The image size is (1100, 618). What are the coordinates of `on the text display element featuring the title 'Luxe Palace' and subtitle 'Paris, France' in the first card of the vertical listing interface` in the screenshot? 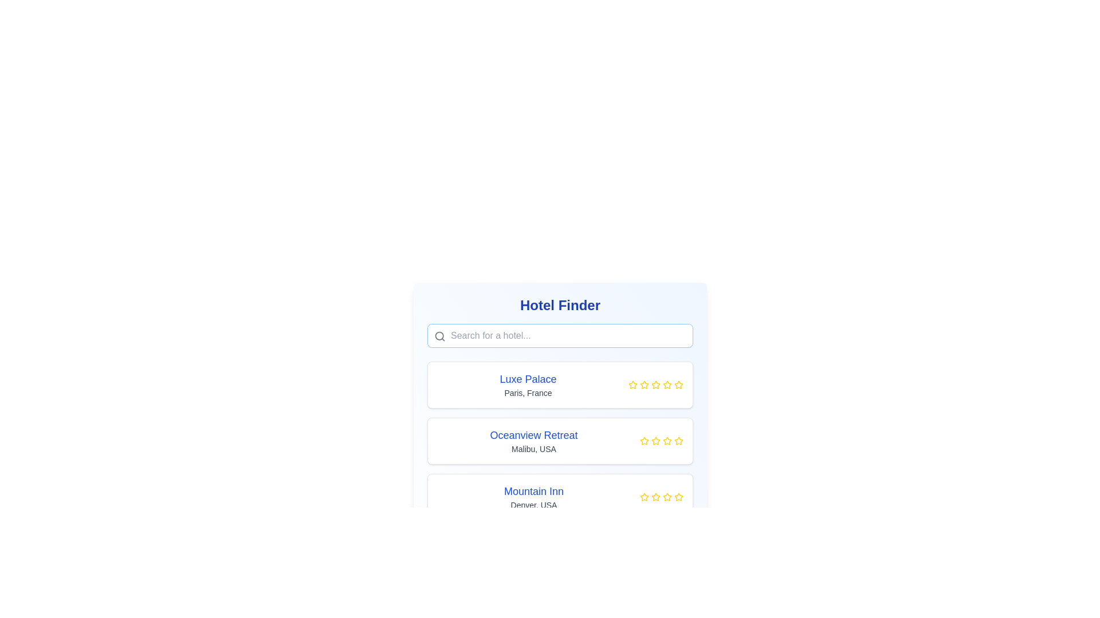 It's located at (527, 385).